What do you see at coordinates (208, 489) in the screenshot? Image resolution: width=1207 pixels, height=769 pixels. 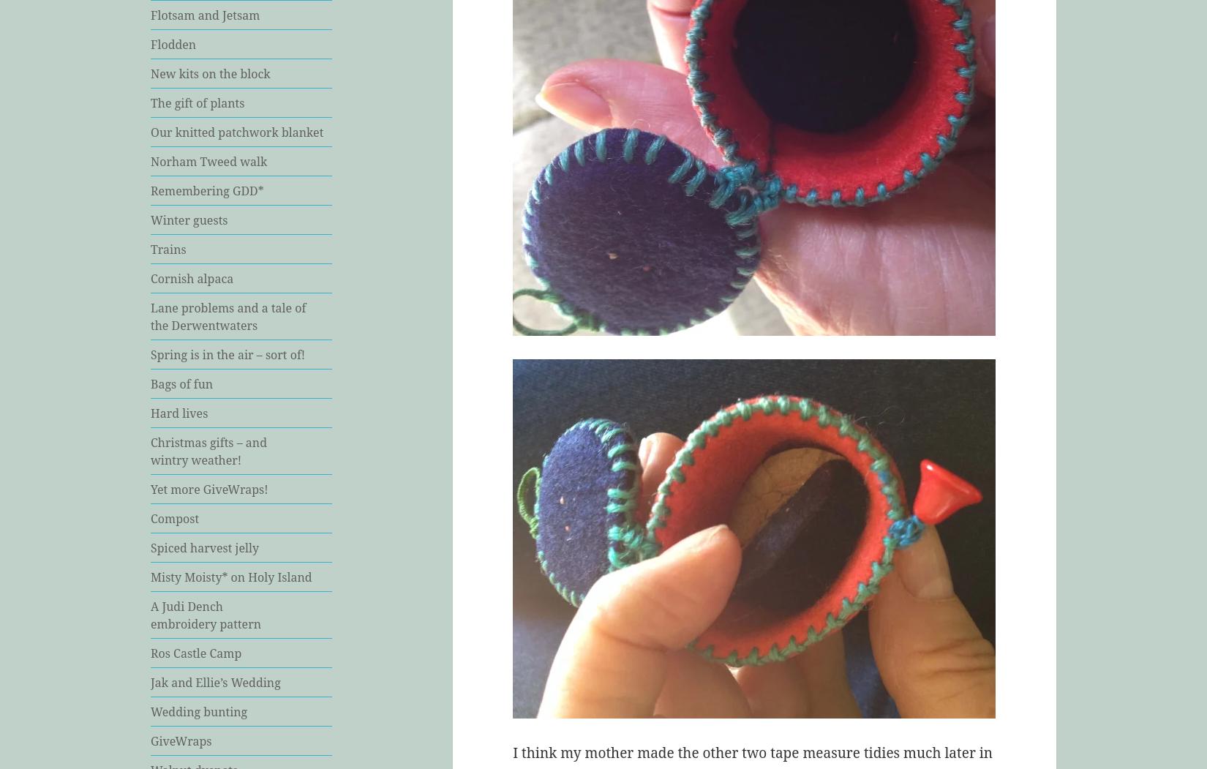 I see `'Yet more GiveWraps!'` at bounding box center [208, 489].